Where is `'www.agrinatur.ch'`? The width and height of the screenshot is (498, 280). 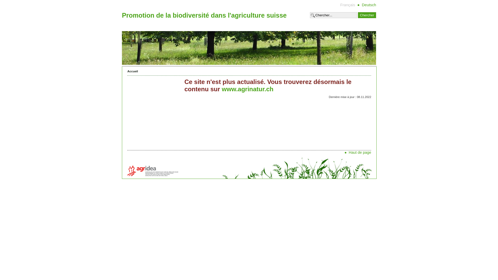
'www.agrinatur.ch' is located at coordinates (247, 89).